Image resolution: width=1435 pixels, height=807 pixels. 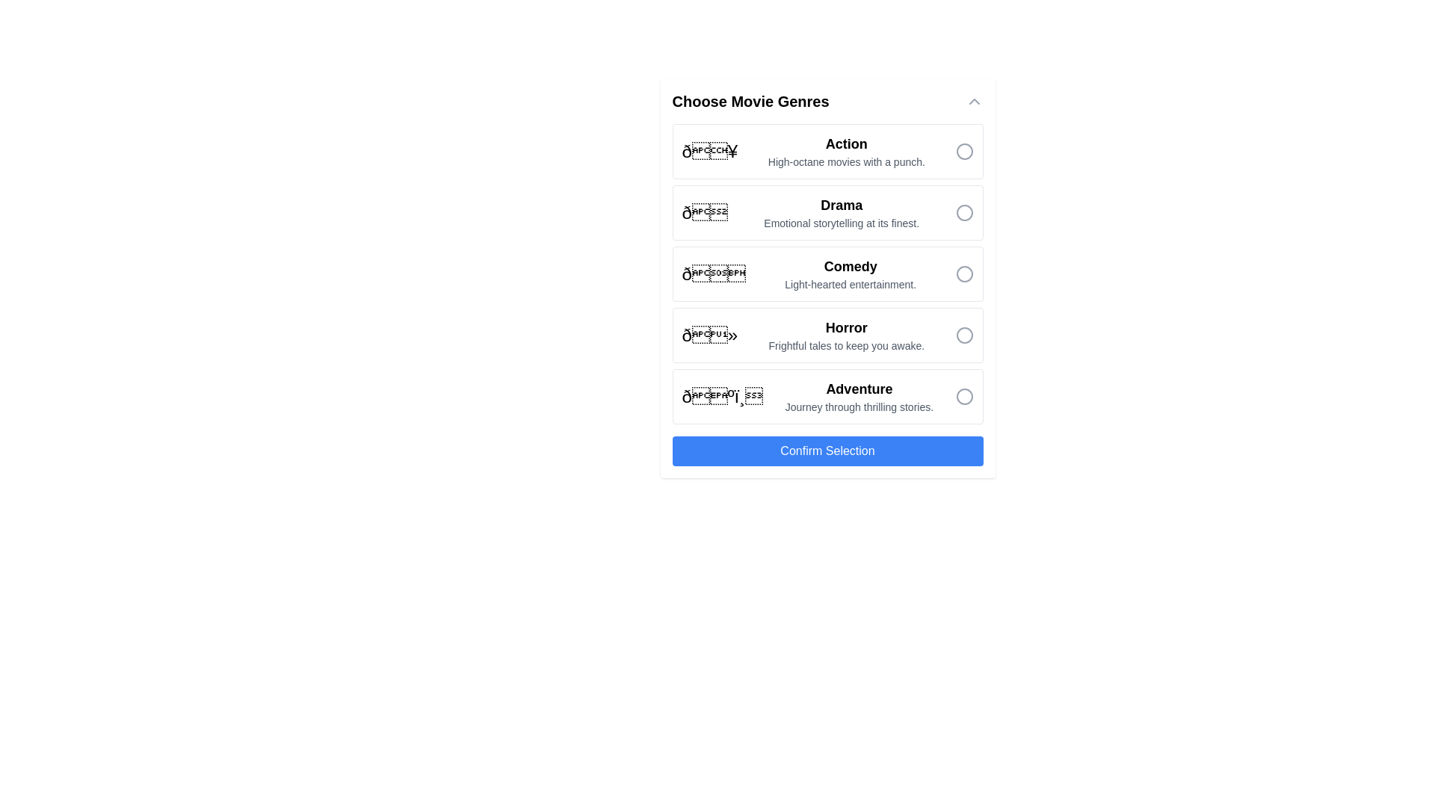 I want to click on the bold text label that reads 'Comedy', which is located in the third row of the movie genre list, above the description 'Light-hearted entertainment', so click(x=851, y=266).